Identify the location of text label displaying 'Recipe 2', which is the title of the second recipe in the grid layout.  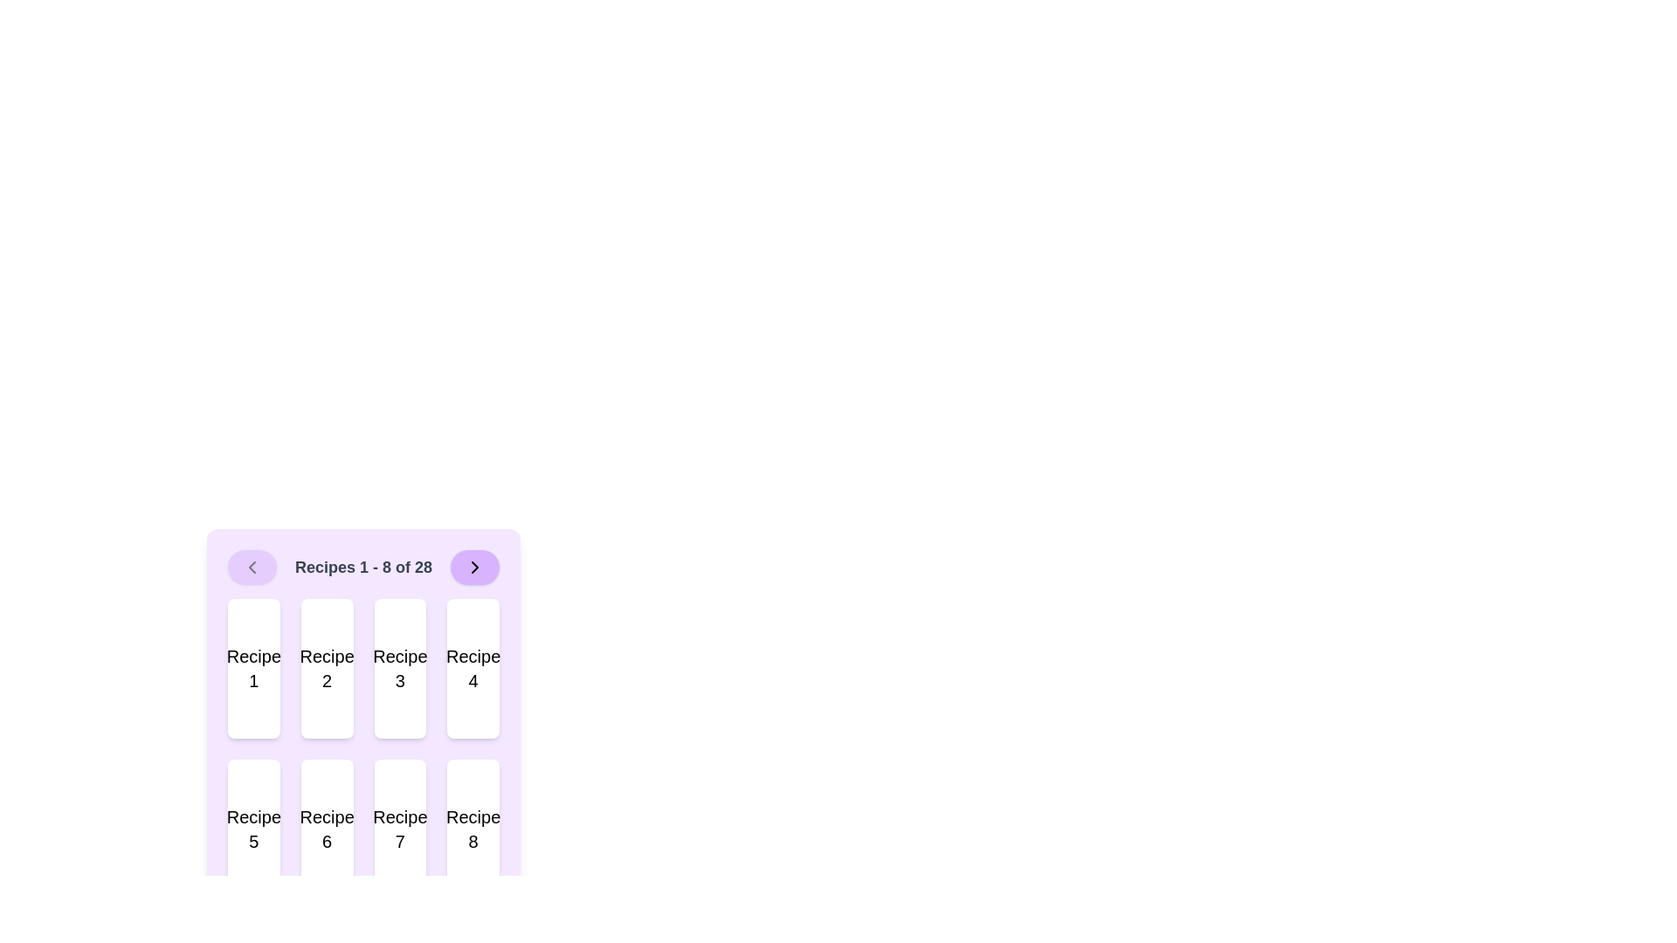
(327, 668).